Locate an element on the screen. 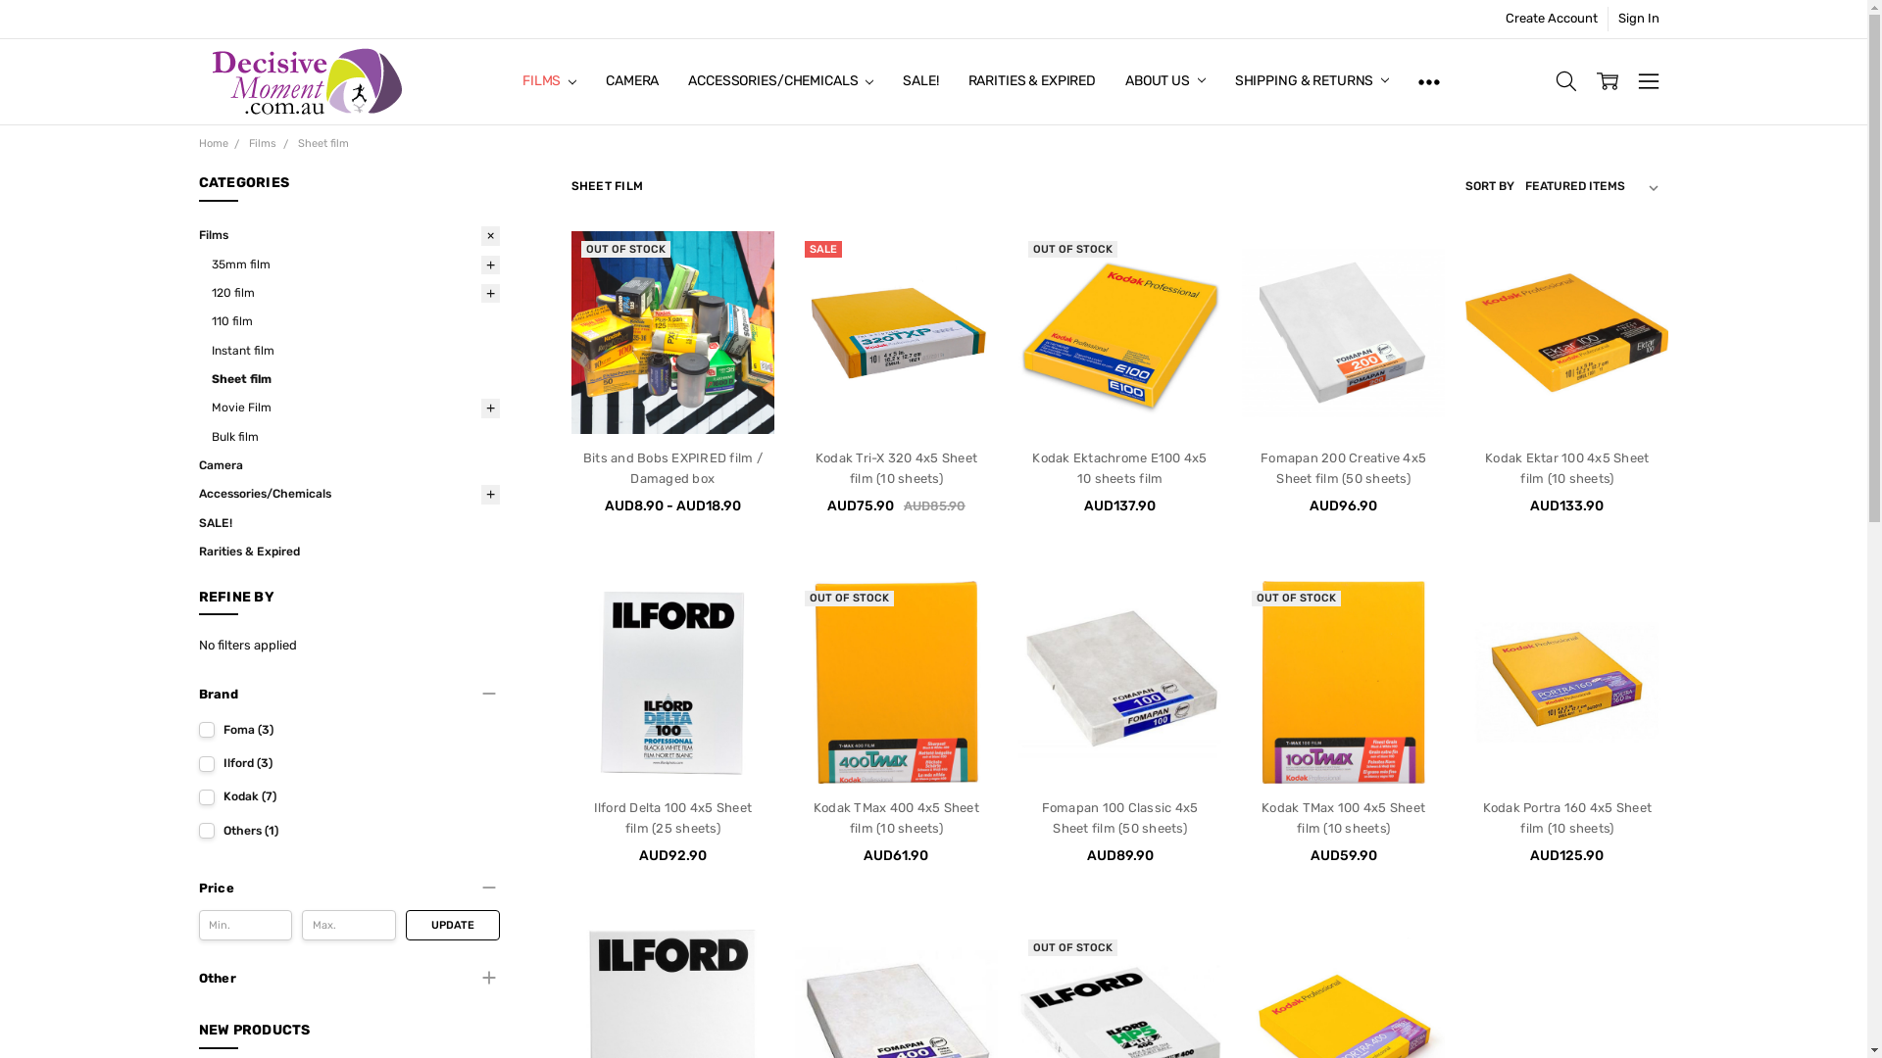 This screenshot has height=1058, width=1882. 'Bits and Bobs EXPIRED film / Damaged box' is located at coordinates (582, 468).